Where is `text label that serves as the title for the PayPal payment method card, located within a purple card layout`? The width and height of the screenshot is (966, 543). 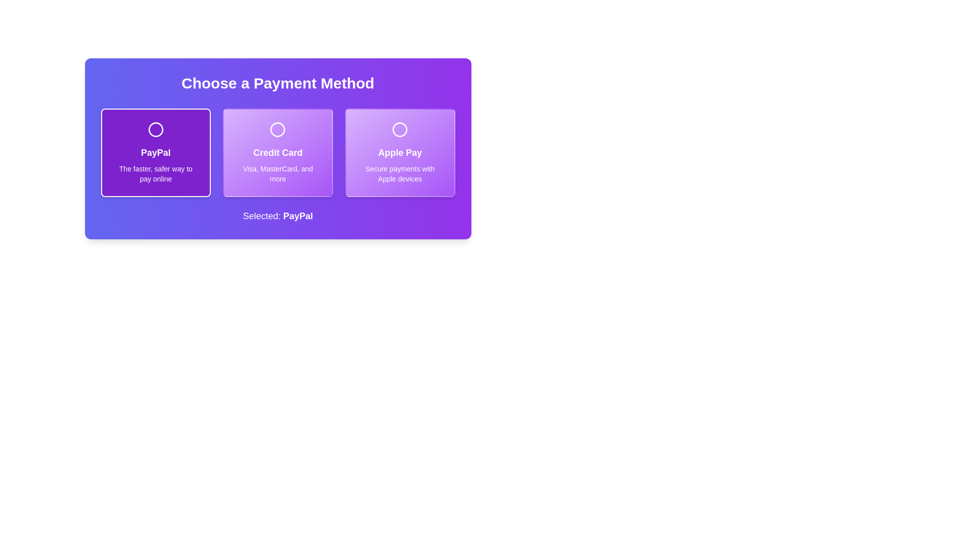
text label that serves as the title for the PayPal payment method card, located within a purple card layout is located at coordinates (155, 153).